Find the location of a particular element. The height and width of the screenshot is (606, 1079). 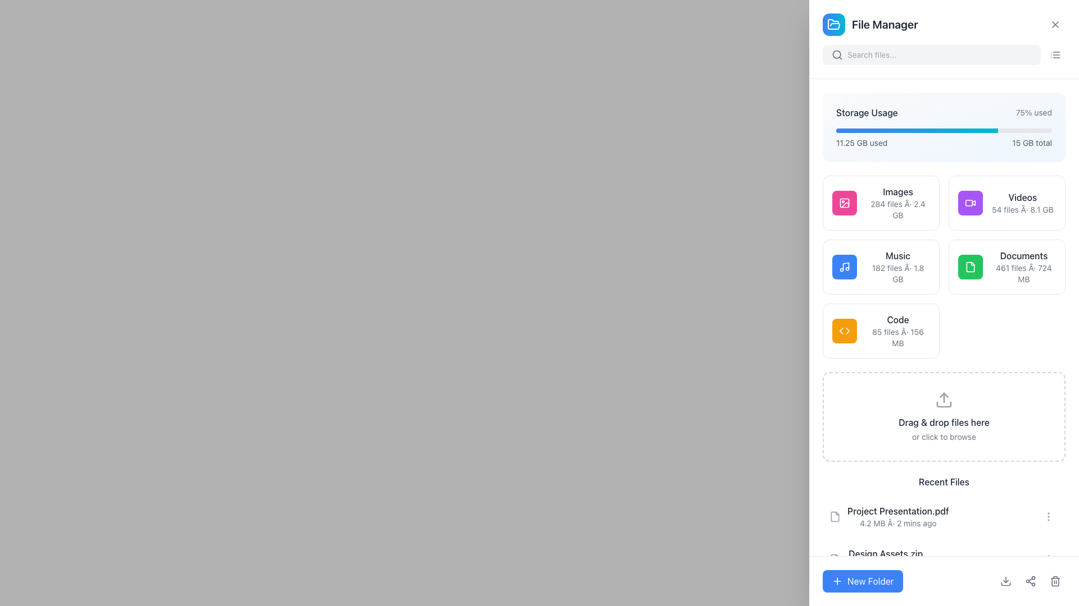

the menu icon, which consists of three horizontal lines stacked vertically in gray color, located in the top-right corner of the interface next to the search bar is located at coordinates (1054, 54).